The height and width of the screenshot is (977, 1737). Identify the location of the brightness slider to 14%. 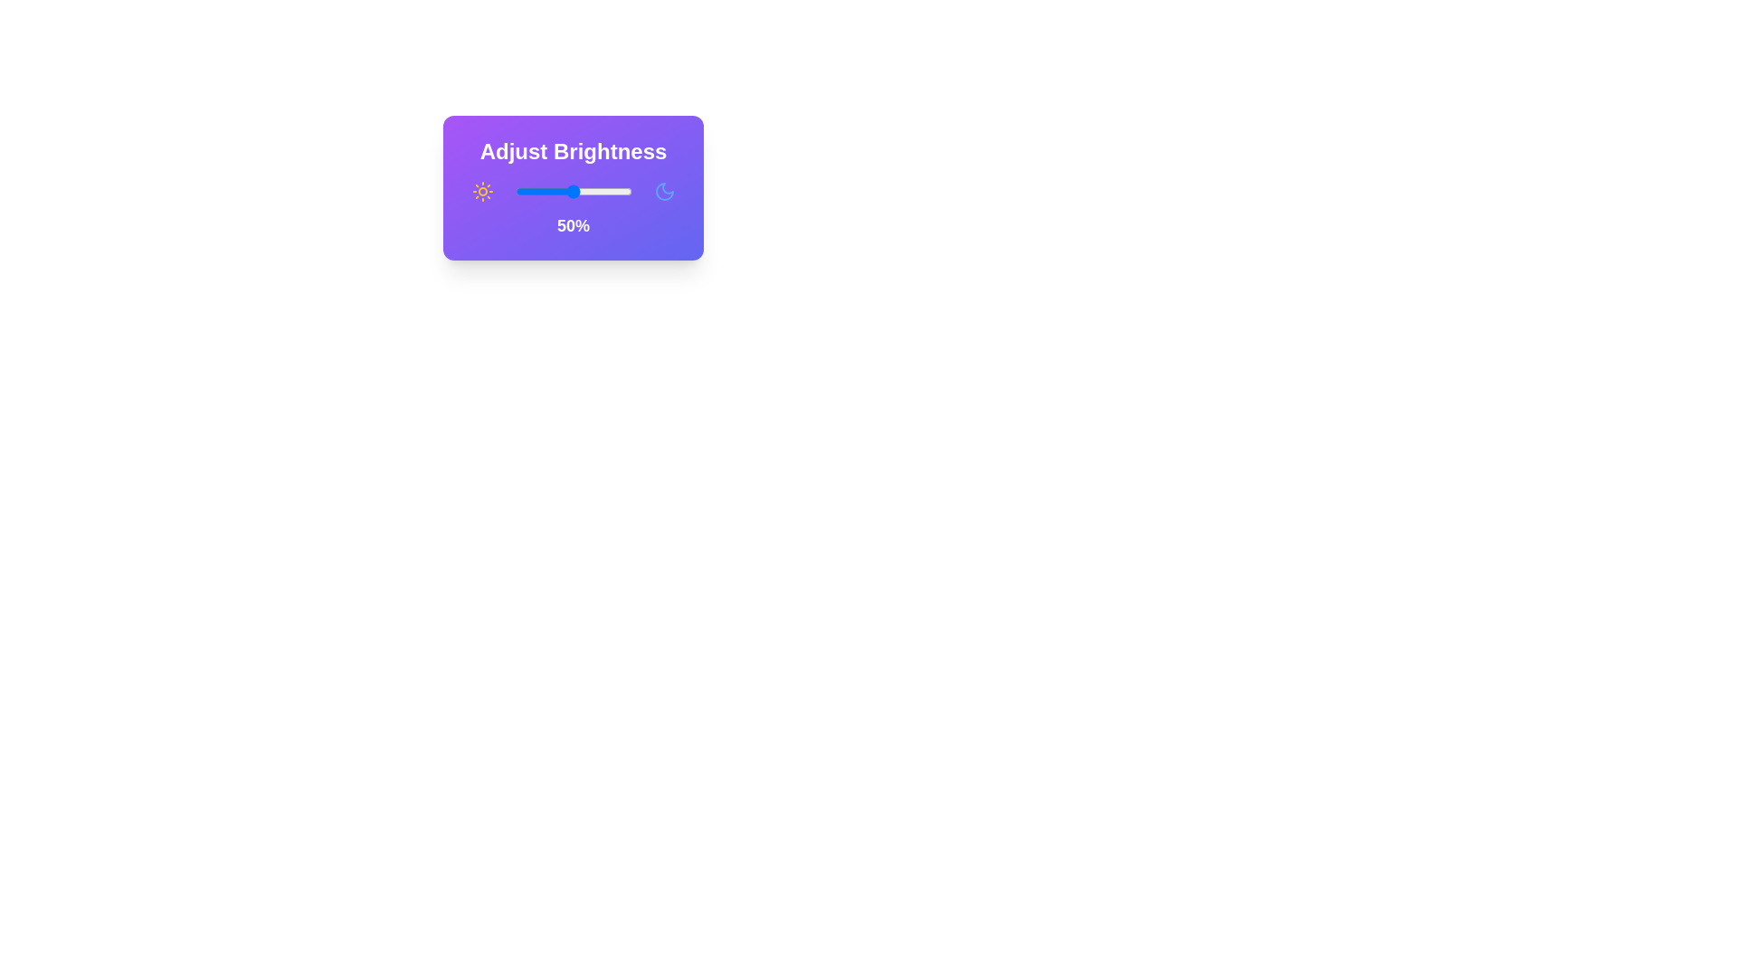
(530, 192).